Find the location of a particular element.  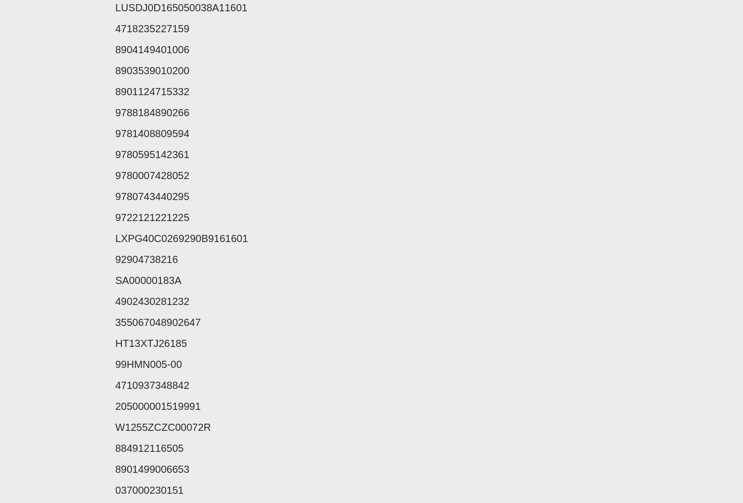

'99HMN005-00' is located at coordinates (115, 363).